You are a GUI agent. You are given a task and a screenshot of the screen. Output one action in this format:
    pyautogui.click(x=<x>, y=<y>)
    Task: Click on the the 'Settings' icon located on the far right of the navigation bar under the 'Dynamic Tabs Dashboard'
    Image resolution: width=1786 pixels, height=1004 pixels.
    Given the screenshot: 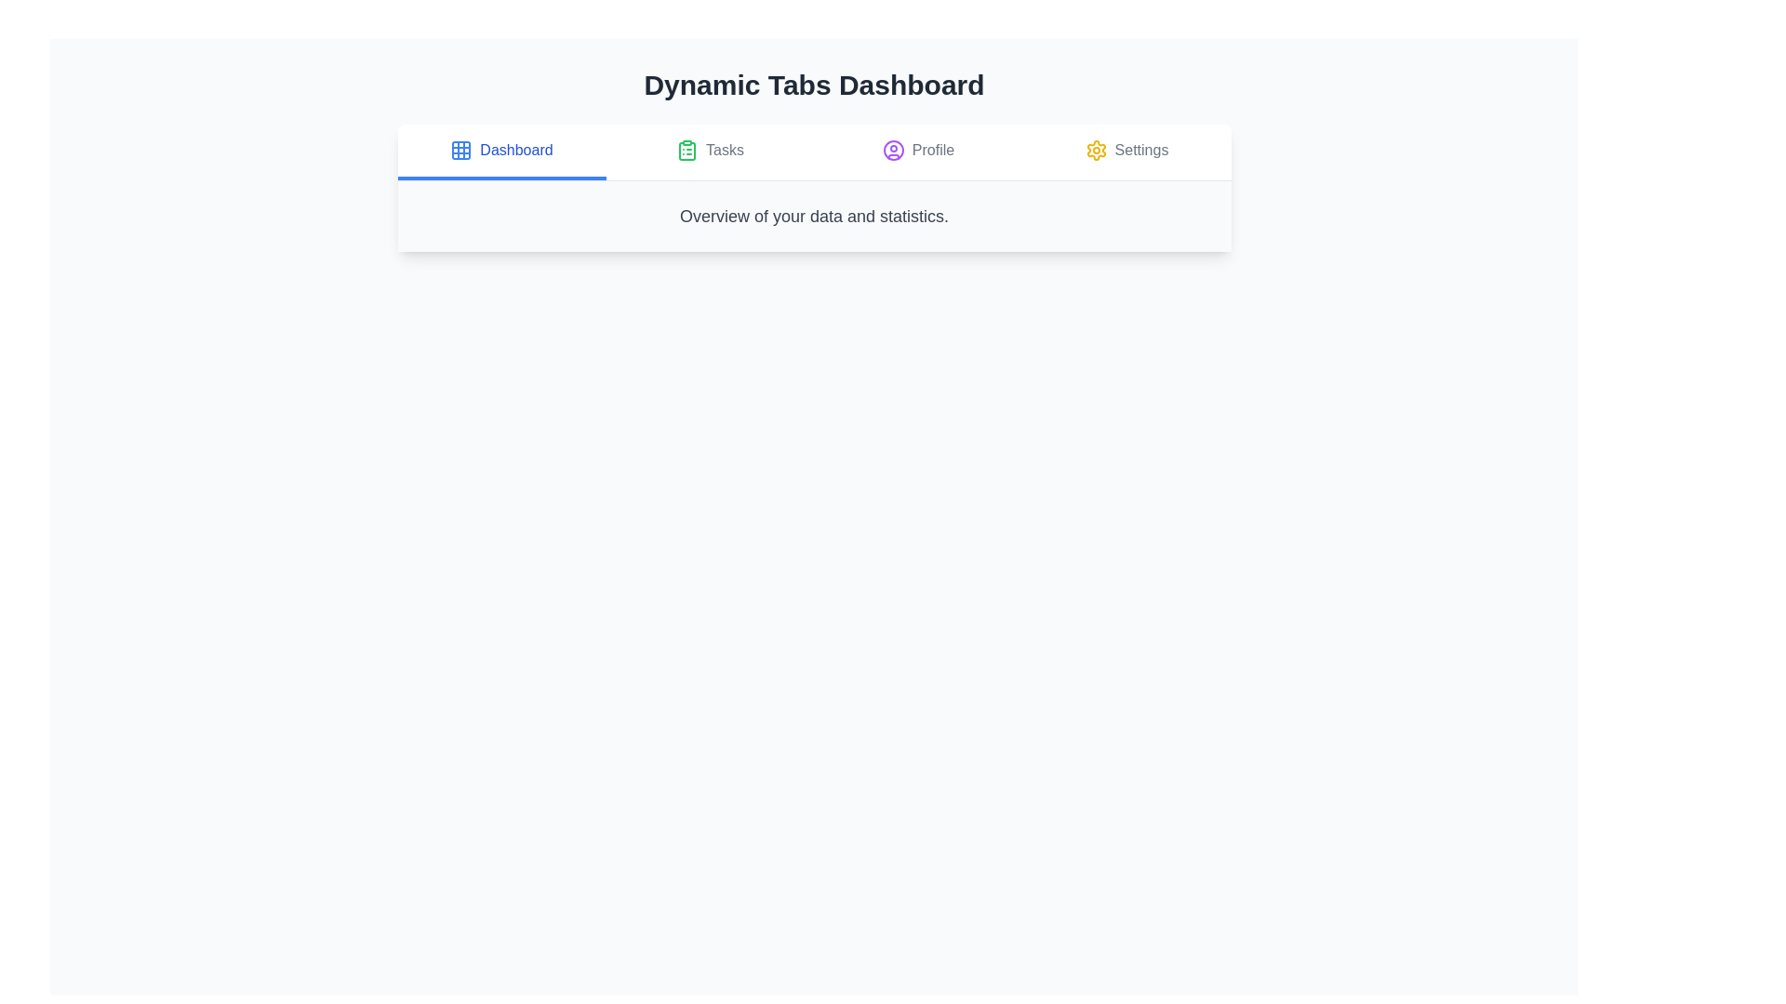 What is the action you would take?
    pyautogui.click(x=1096, y=150)
    